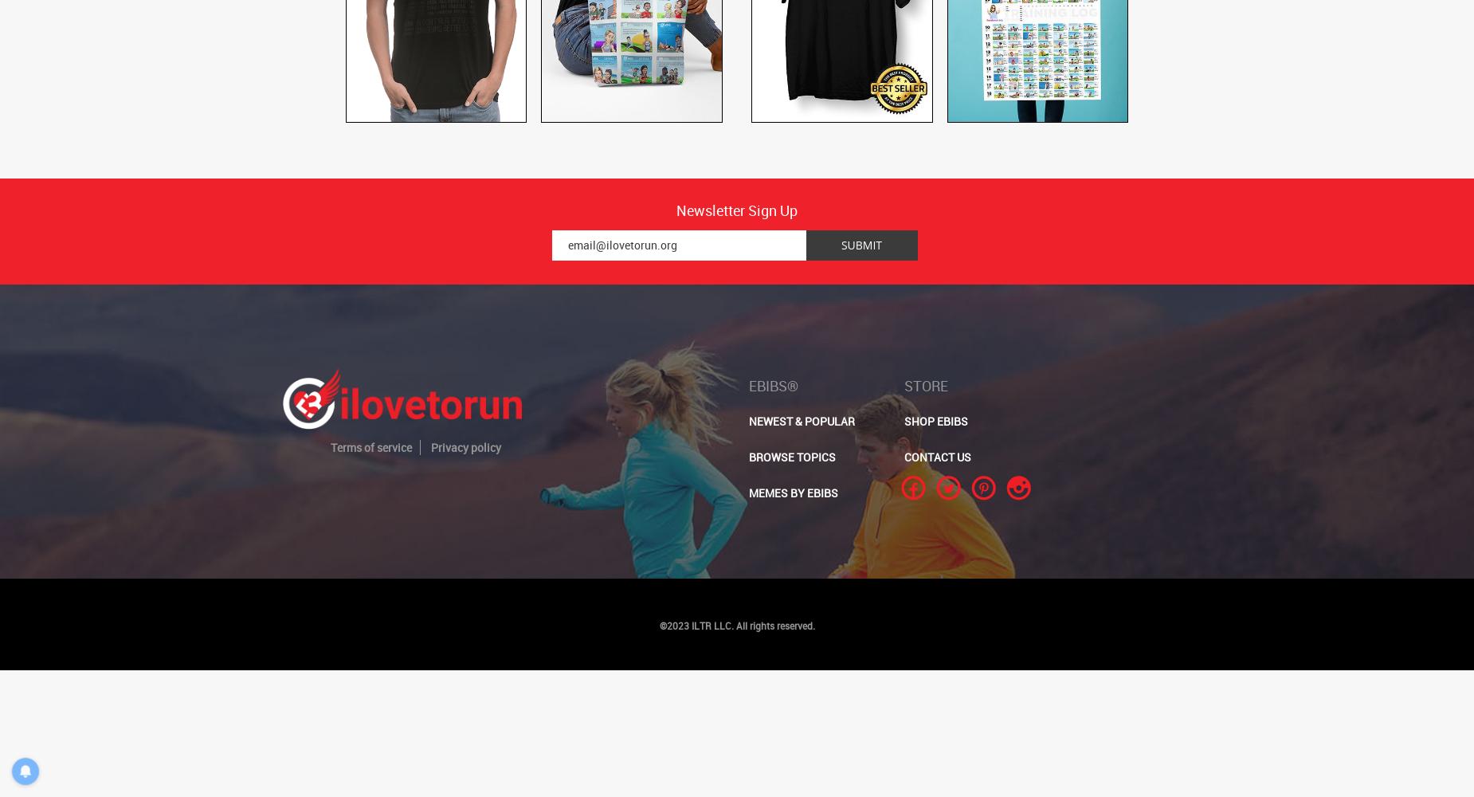 The width and height of the screenshot is (1474, 797). Describe the element at coordinates (793, 492) in the screenshot. I see `'MEMES BY EBIBS'` at that location.